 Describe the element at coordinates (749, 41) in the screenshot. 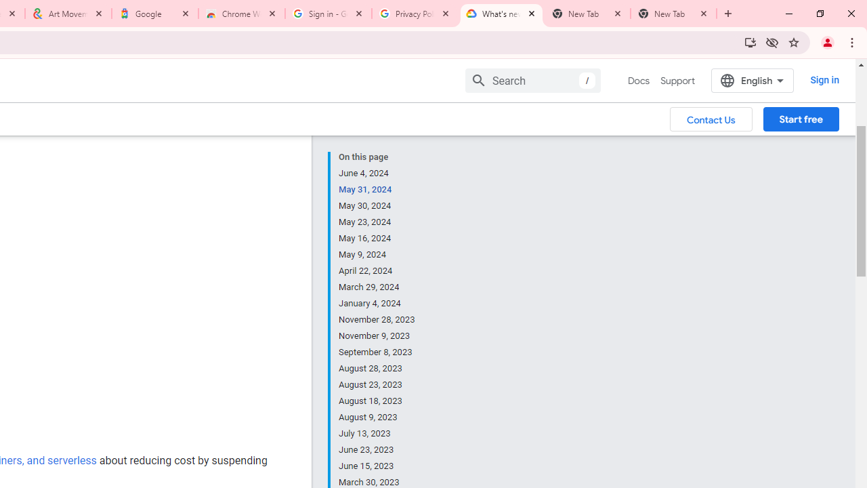

I see `'Install Google Cloud'` at that location.